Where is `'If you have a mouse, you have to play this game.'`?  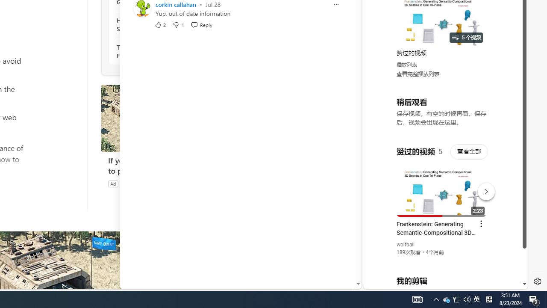
'If you have a mouse, you have to play this game.' is located at coordinates (165, 166).